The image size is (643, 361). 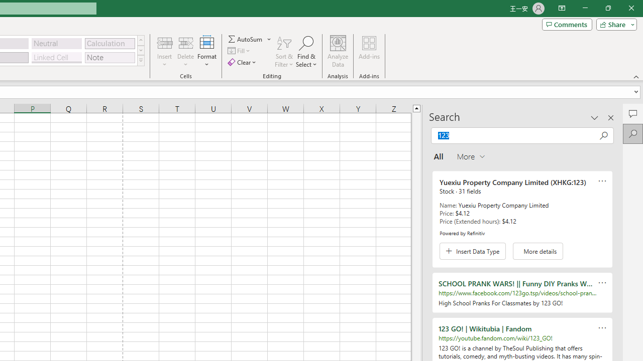 I want to click on 'Sum', so click(x=246, y=39).